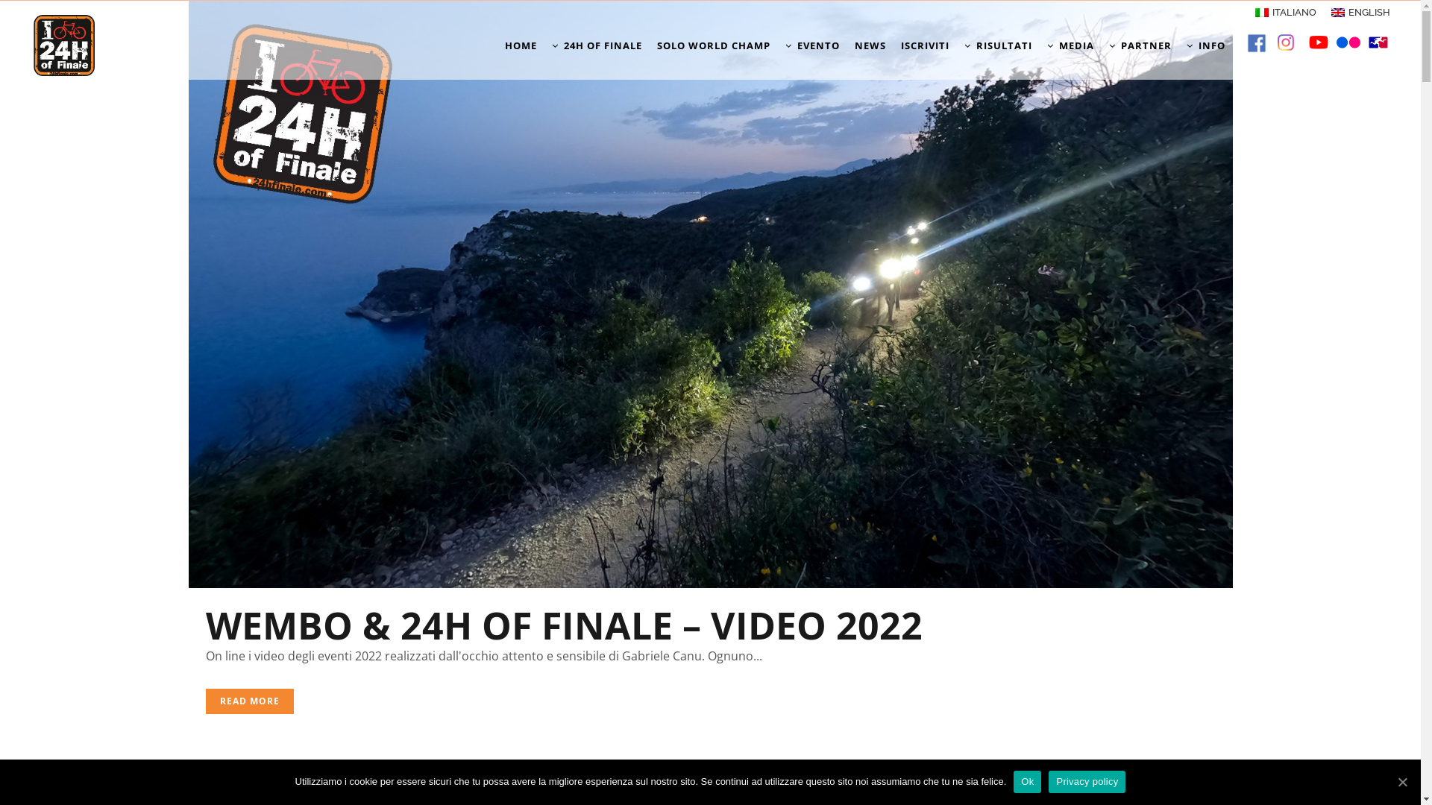 The image size is (1432, 805). I want to click on 'RISULTATI', so click(998, 45).